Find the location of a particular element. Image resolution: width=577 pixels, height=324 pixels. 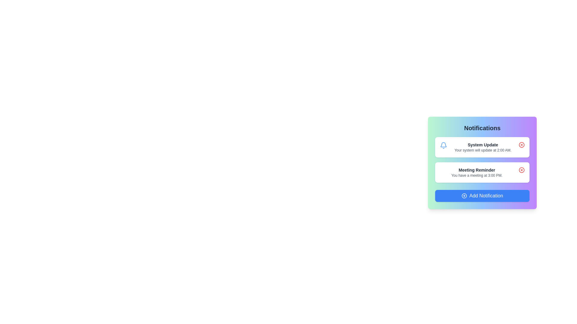

close icon for the notification titled 'System Update' is located at coordinates (521, 145).